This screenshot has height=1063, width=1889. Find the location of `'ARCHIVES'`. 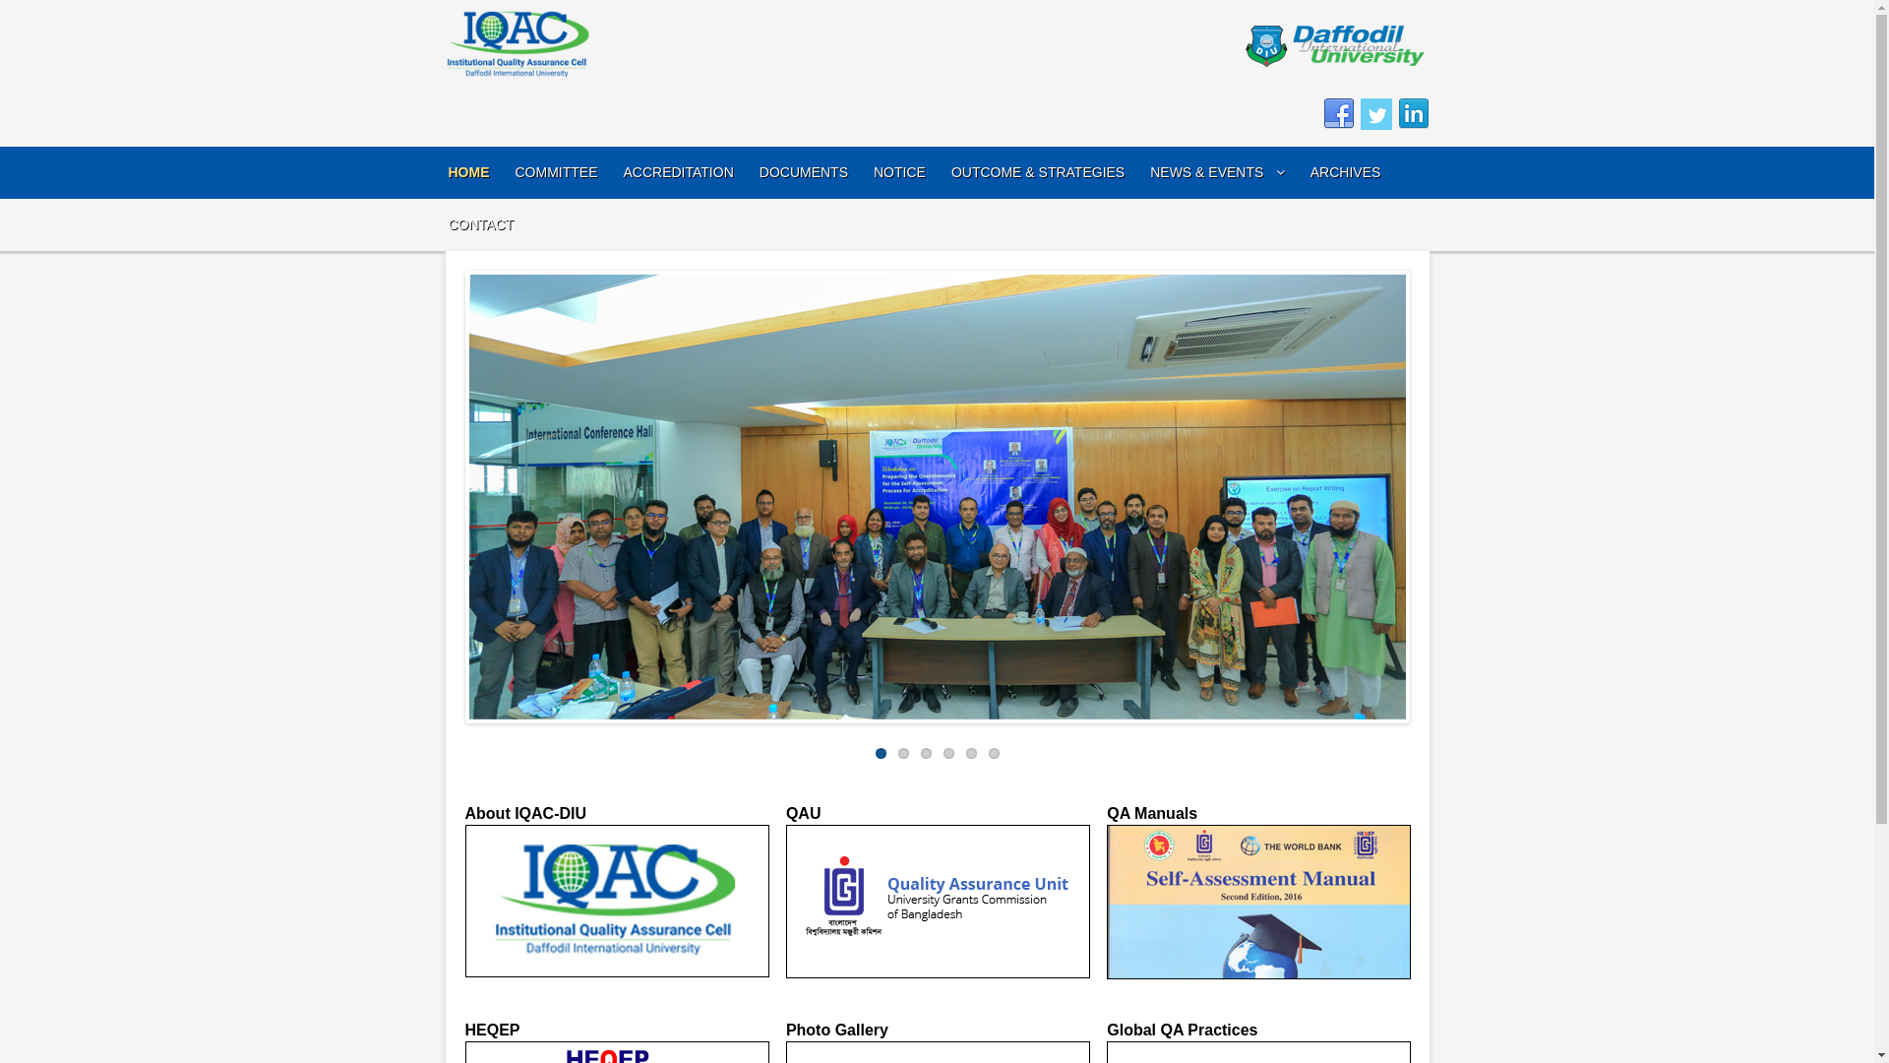

'ARCHIVES' is located at coordinates (1310, 171).